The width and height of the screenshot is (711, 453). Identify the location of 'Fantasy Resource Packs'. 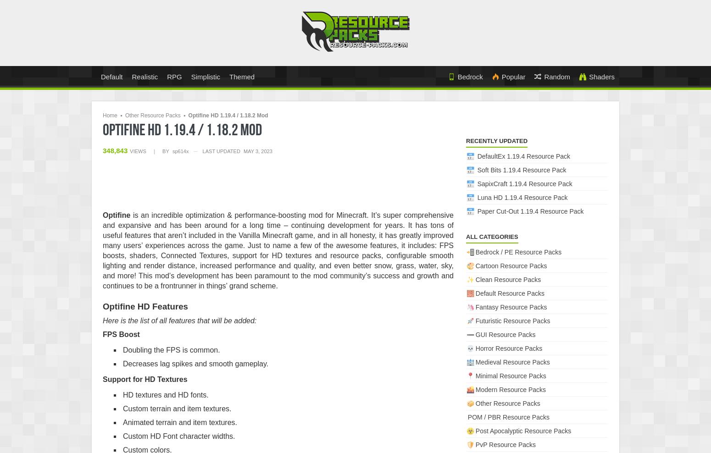
(510, 306).